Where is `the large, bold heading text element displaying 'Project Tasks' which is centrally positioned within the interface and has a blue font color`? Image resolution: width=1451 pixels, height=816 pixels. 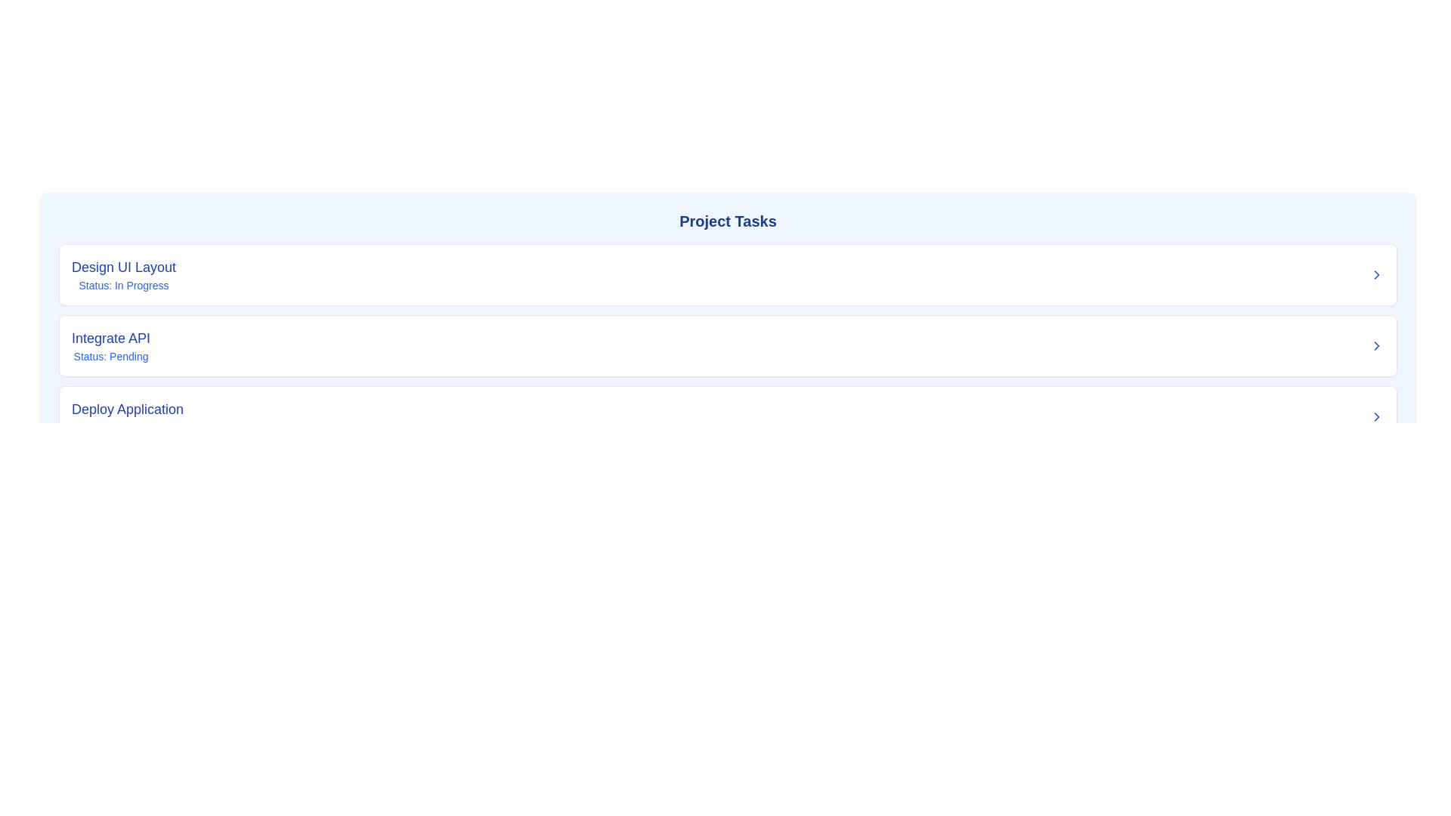
the large, bold heading text element displaying 'Project Tasks' which is centrally positioned within the interface and has a blue font color is located at coordinates (728, 221).